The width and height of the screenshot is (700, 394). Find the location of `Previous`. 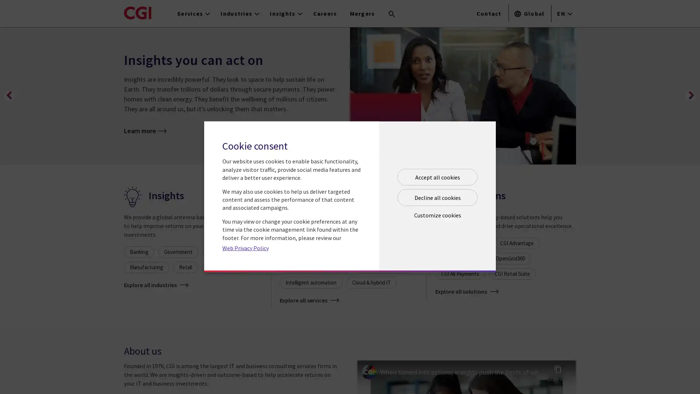

Previous is located at coordinates (9, 95).